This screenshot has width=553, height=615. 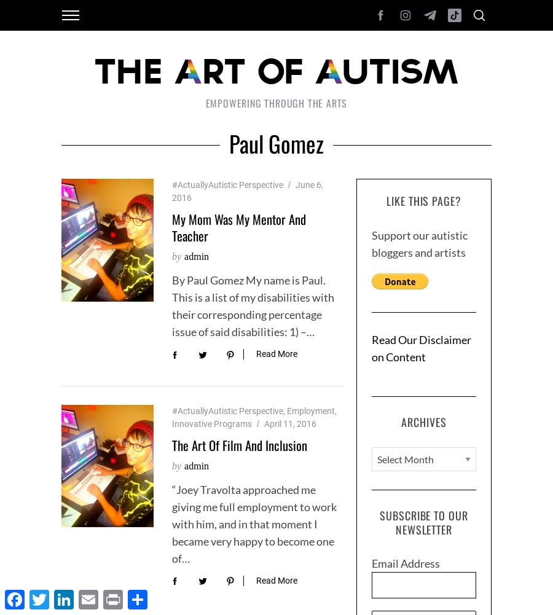 What do you see at coordinates (211, 422) in the screenshot?
I see `'Innovative Programs'` at bounding box center [211, 422].